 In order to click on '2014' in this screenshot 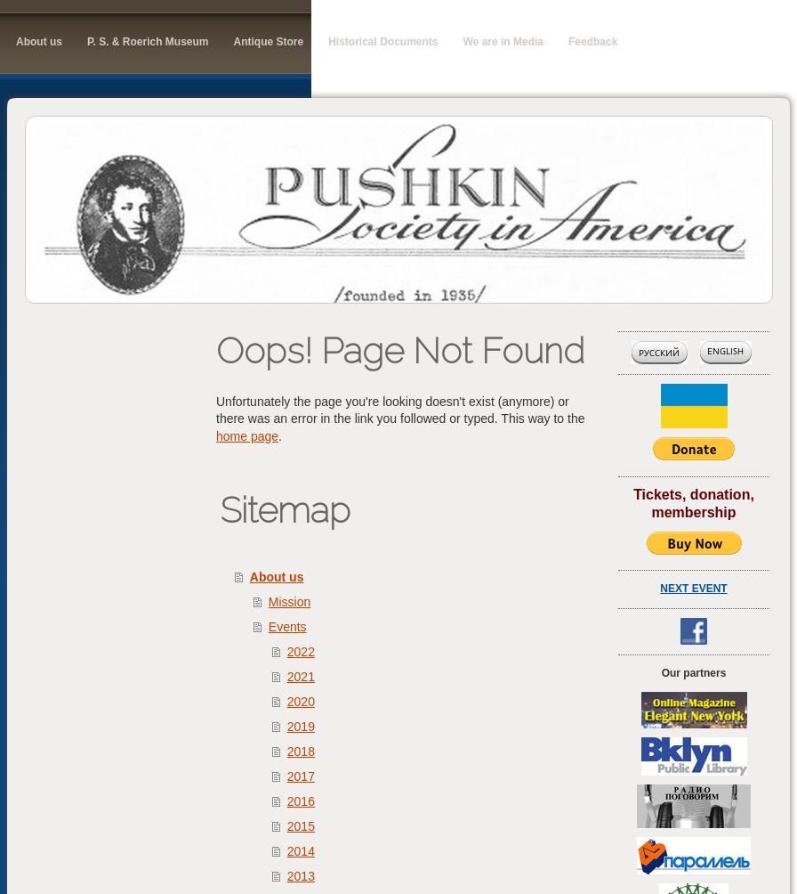, I will do `click(300, 849)`.